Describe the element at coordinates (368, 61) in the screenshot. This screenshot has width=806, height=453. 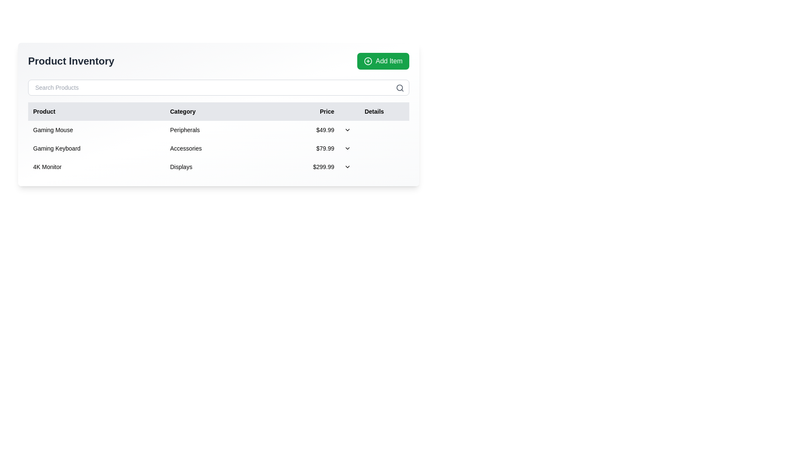
I see `the decorative icon with a plus symbol located within the 'Add Item' button, which is outlined in white and positioned to the left of the text label 'Add Item'` at that location.